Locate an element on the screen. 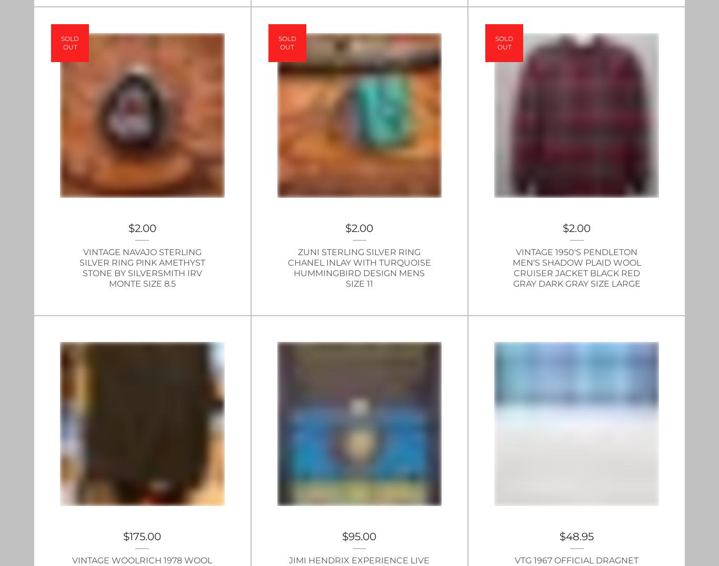 The image size is (719, 566). '95.00' is located at coordinates (362, 536).